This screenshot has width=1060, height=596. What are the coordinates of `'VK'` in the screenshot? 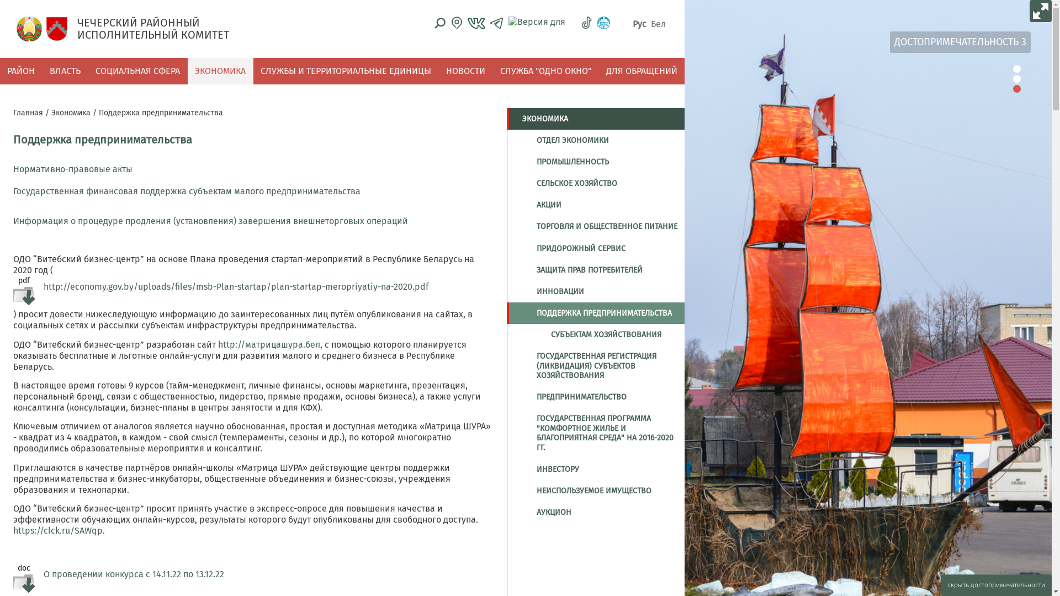 It's located at (476, 23).